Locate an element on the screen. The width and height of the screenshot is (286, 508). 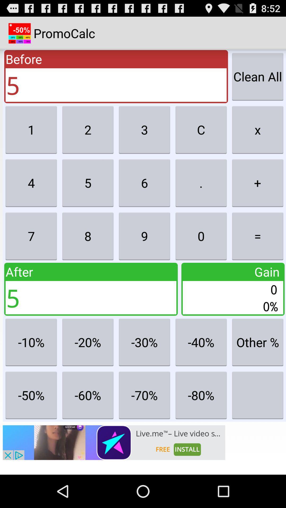
the number 2 below the before is located at coordinates (87, 130).